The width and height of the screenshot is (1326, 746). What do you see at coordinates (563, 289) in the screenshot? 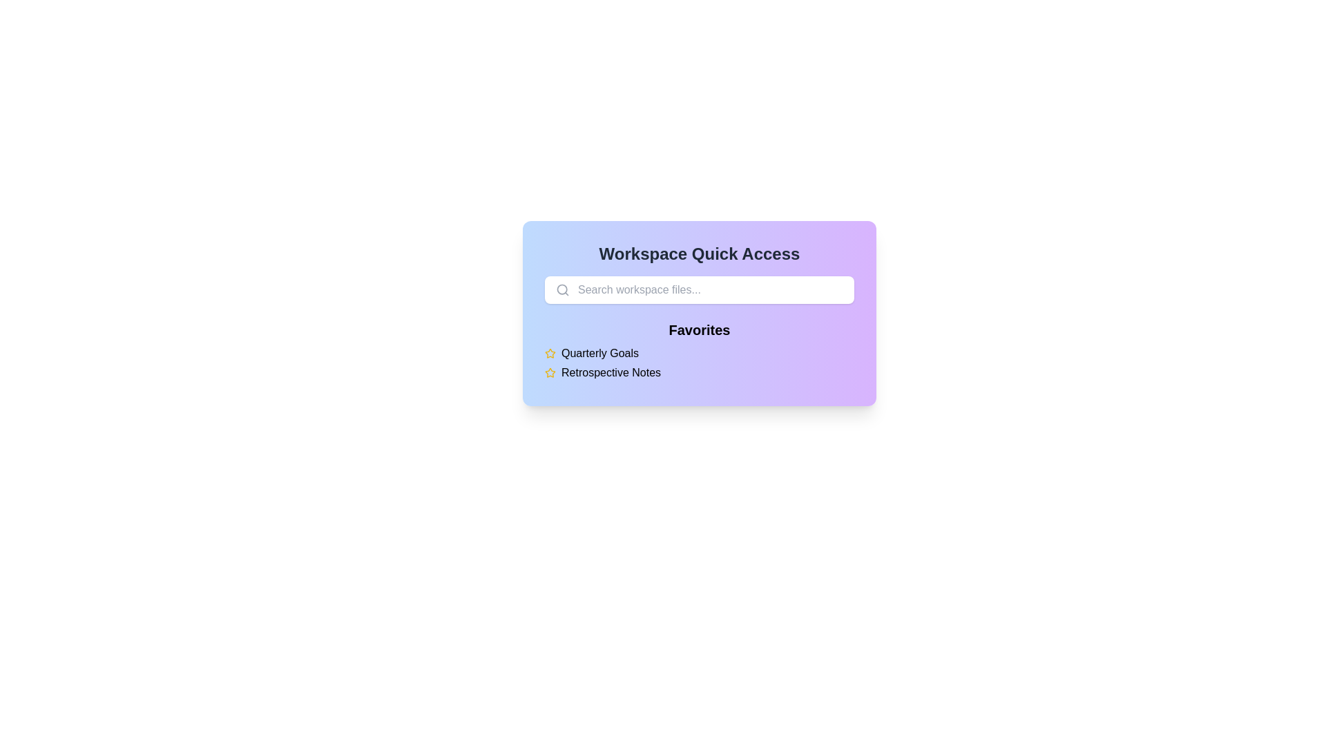
I see `the search icon resembling a magnifying glass, which is styled with thin, round gray lines and located to the left of the text input field in the search bar` at bounding box center [563, 289].